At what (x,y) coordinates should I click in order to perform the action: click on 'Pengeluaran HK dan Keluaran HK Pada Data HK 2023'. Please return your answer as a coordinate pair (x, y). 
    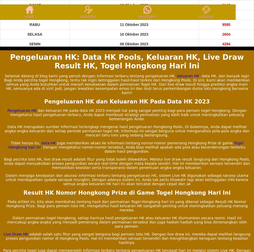
    Looking at the image, I should click on (126, 101).